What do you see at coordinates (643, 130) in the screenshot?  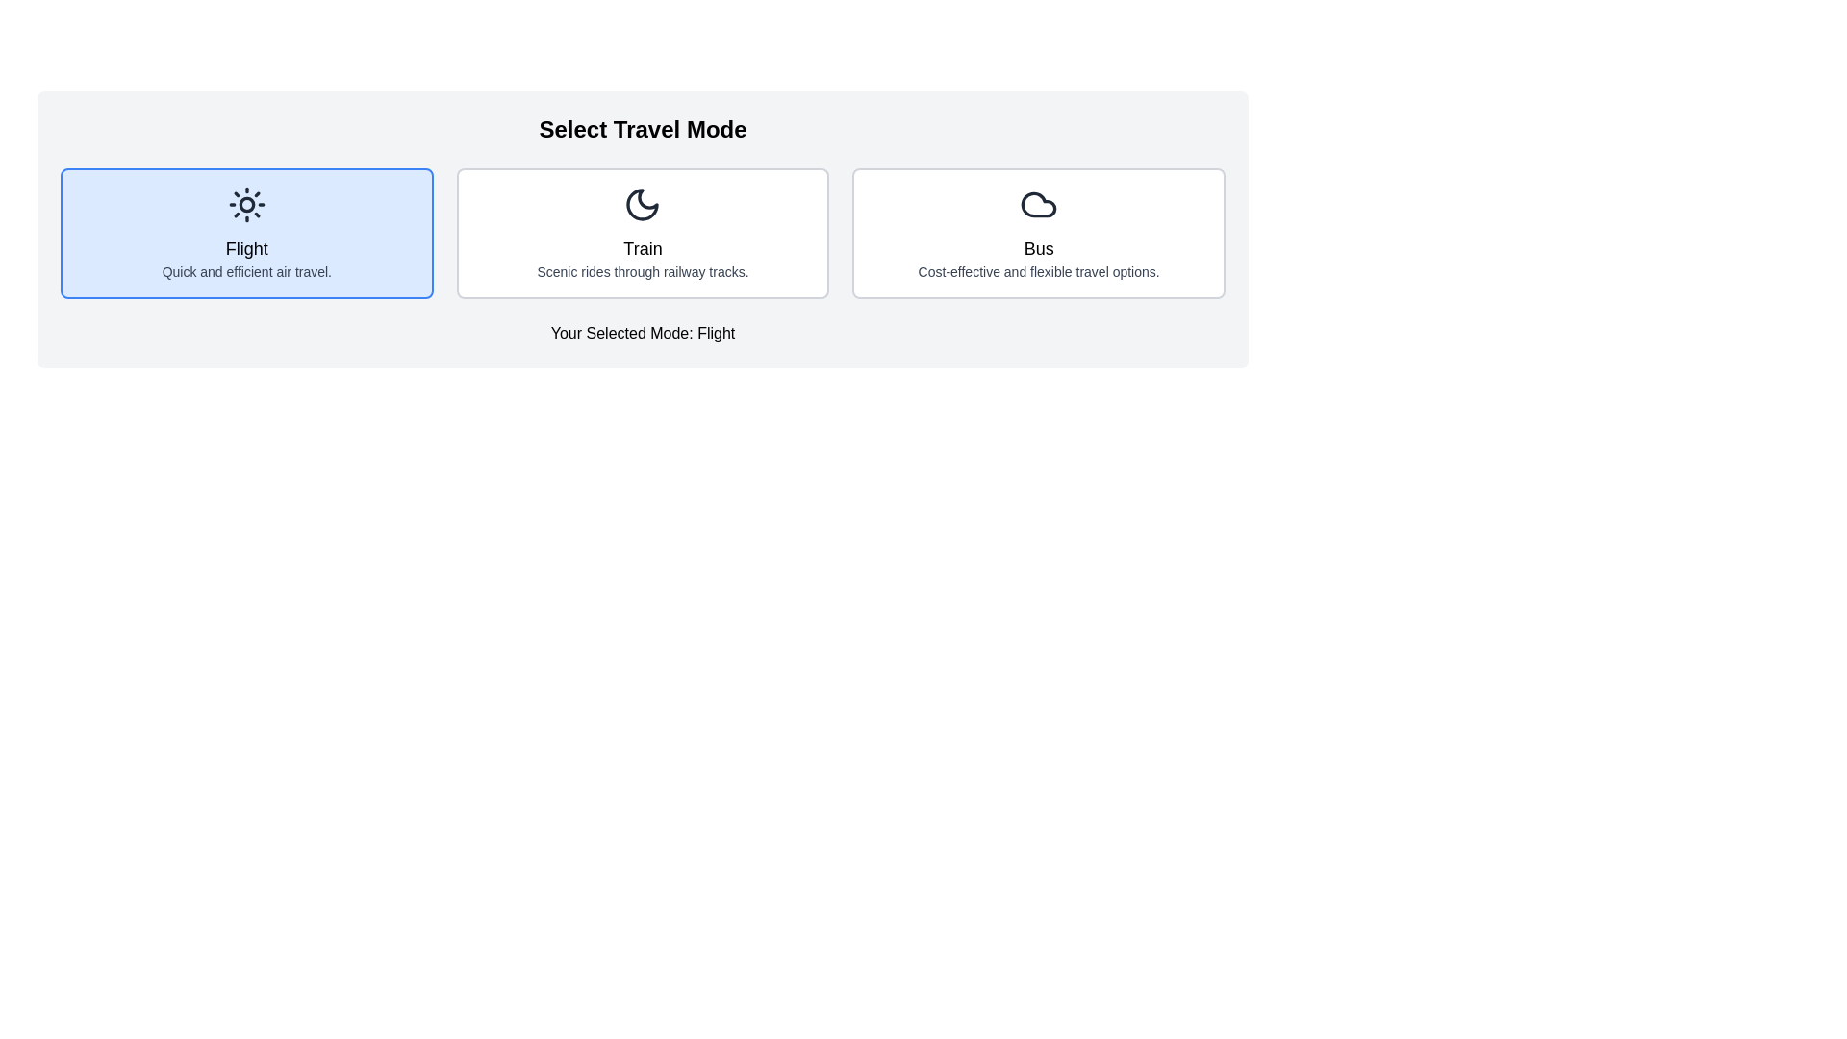 I see `the Text Label element displaying 'Select Travel Mode', which is a bold, large headline positioned at the top of the travel mode selection options` at bounding box center [643, 130].